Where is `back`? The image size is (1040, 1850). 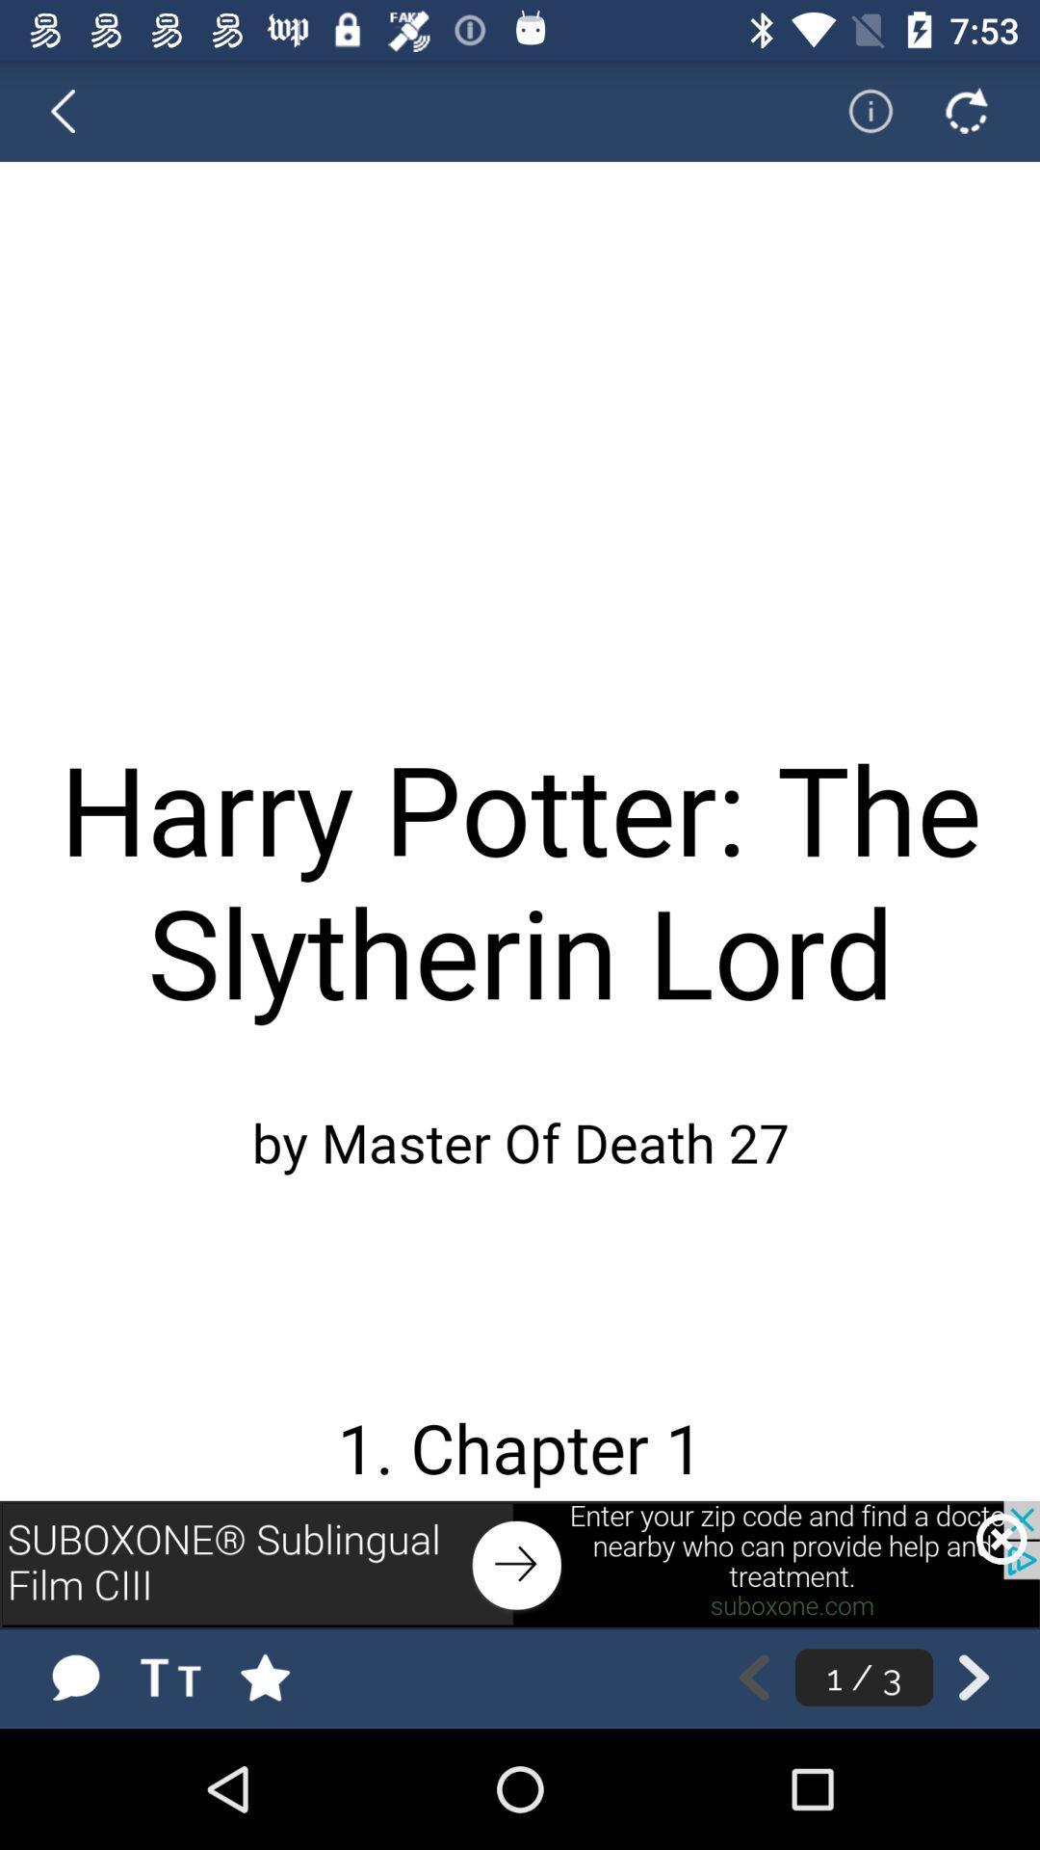 back is located at coordinates (974, 1677).